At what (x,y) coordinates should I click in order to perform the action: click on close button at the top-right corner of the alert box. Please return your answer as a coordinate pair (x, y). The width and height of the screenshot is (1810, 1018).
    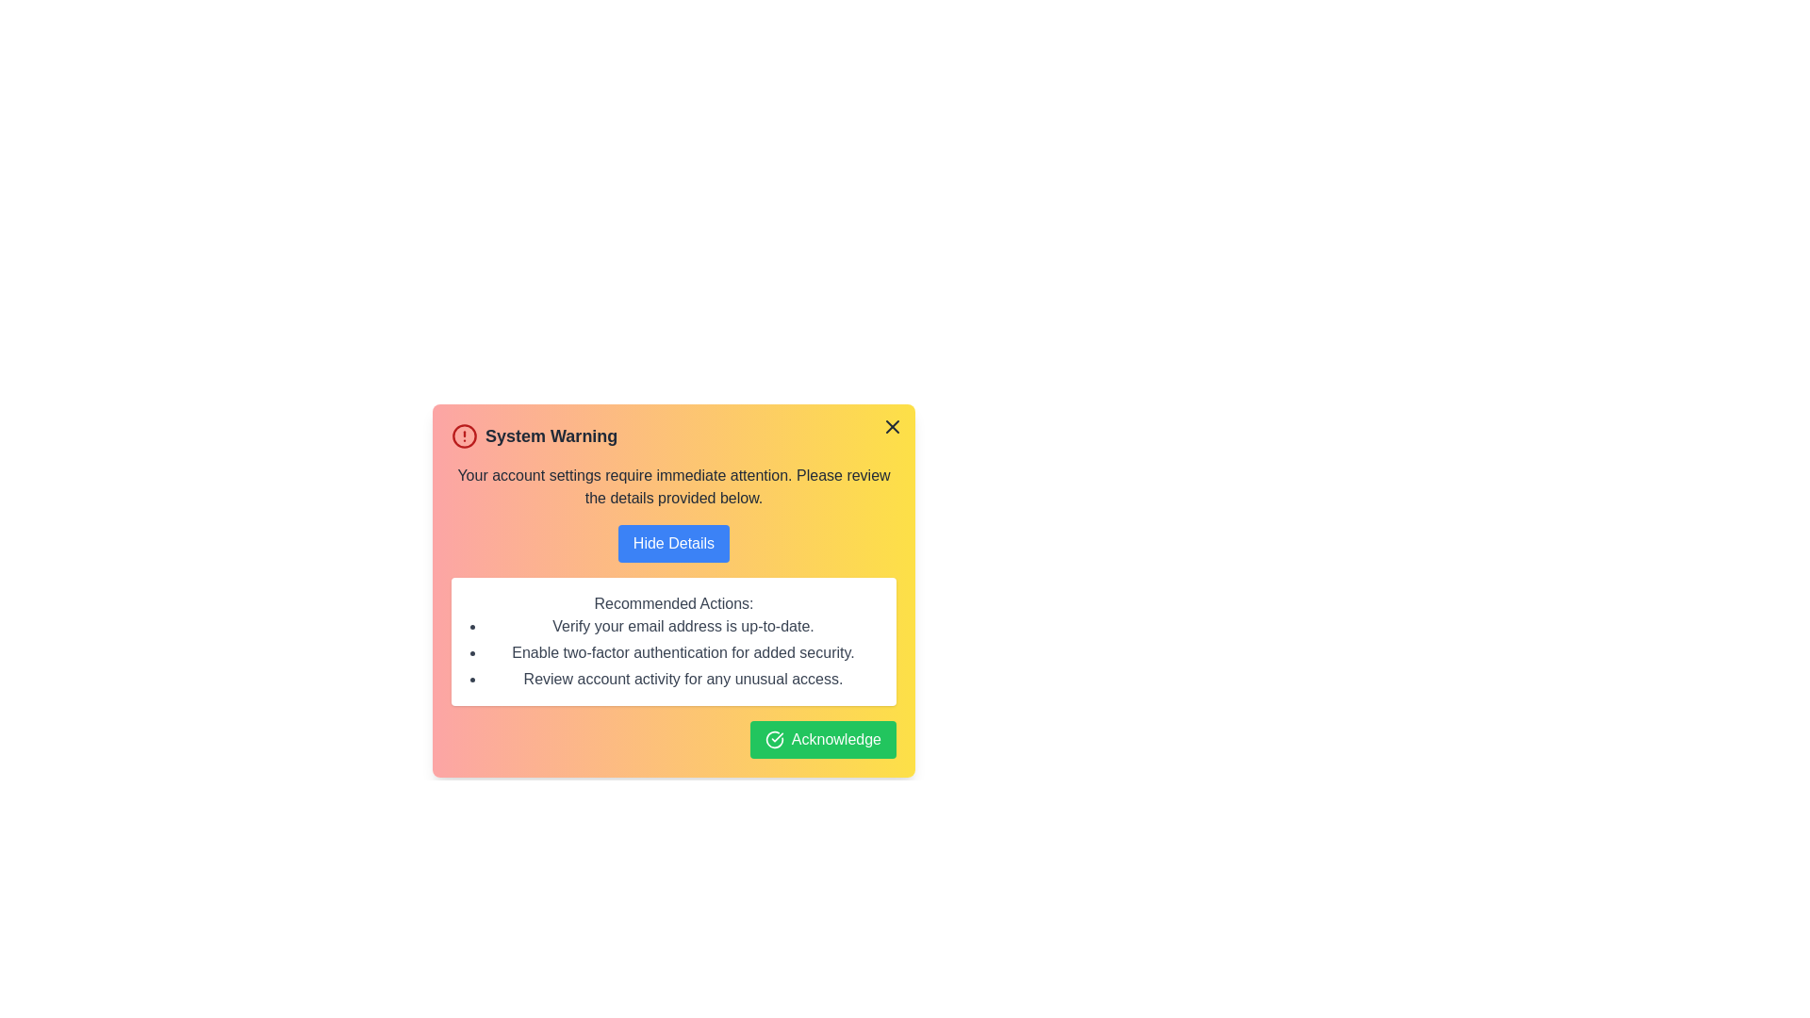
    Looking at the image, I should click on (891, 426).